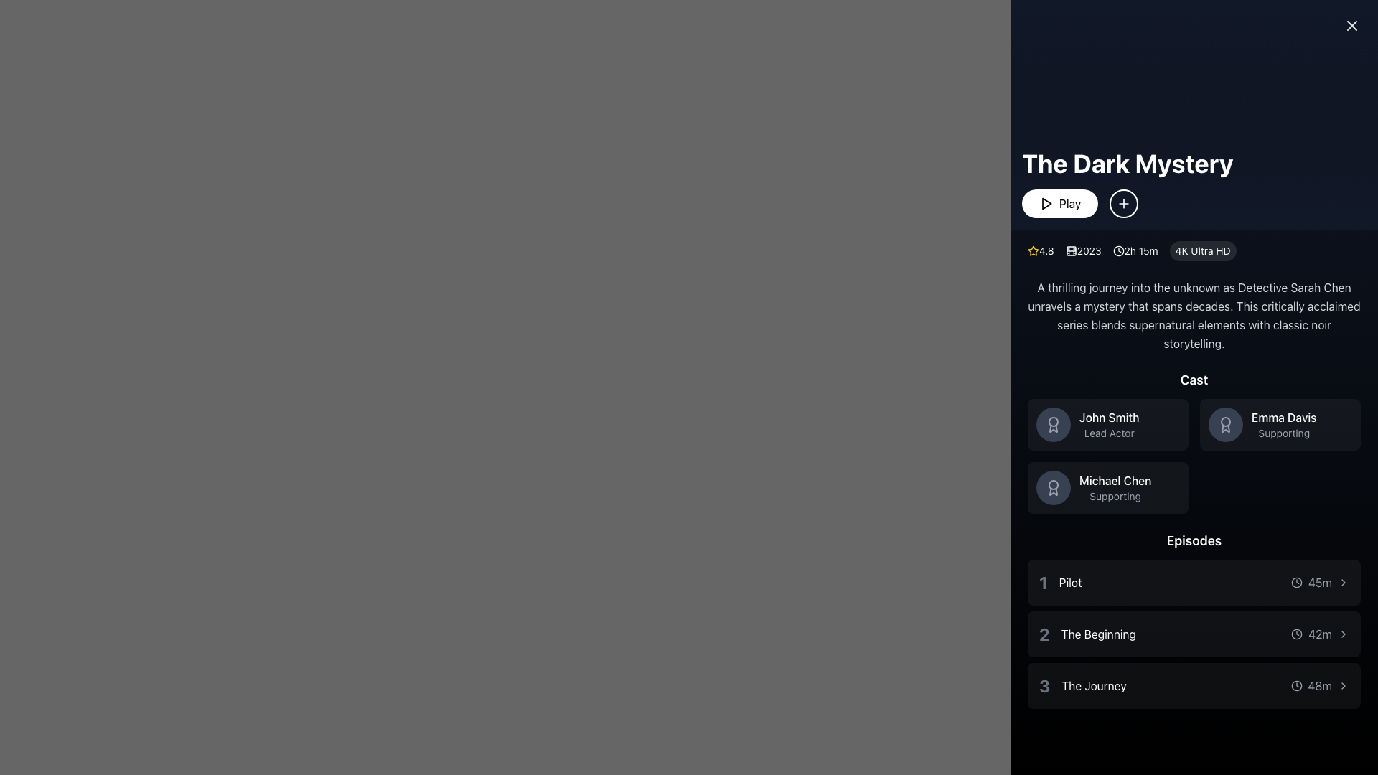  What do you see at coordinates (1054, 487) in the screenshot?
I see `the circular badge-like icon with decorative lines and a ribbon-like design located in the 'Cast' section under the name 'Michael Chen'` at bounding box center [1054, 487].